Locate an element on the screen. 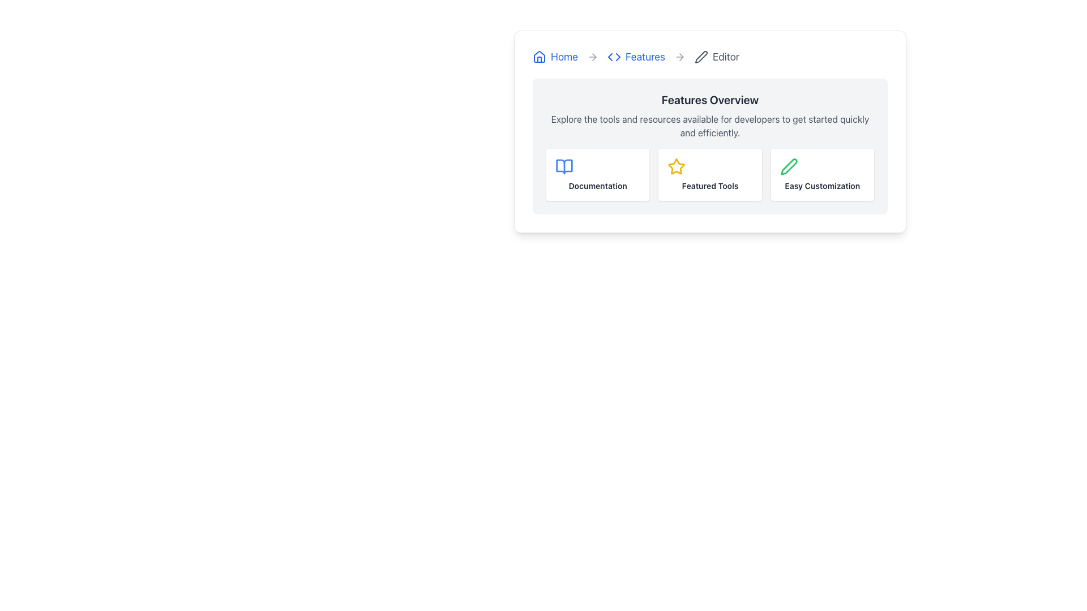 The height and width of the screenshot is (611, 1087). the second card in the 'Features Overview' section is located at coordinates (709, 174).